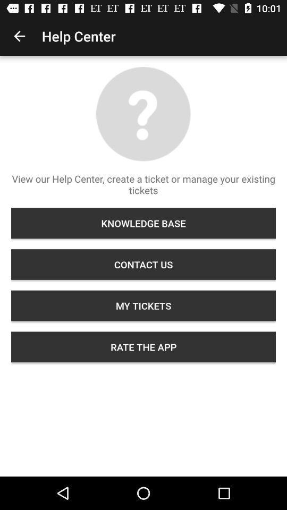 This screenshot has height=510, width=287. What do you see at coordinates (19, 36) in the screenshot?
I see `the item above the view our help icon` at bounding box center [19, 36].